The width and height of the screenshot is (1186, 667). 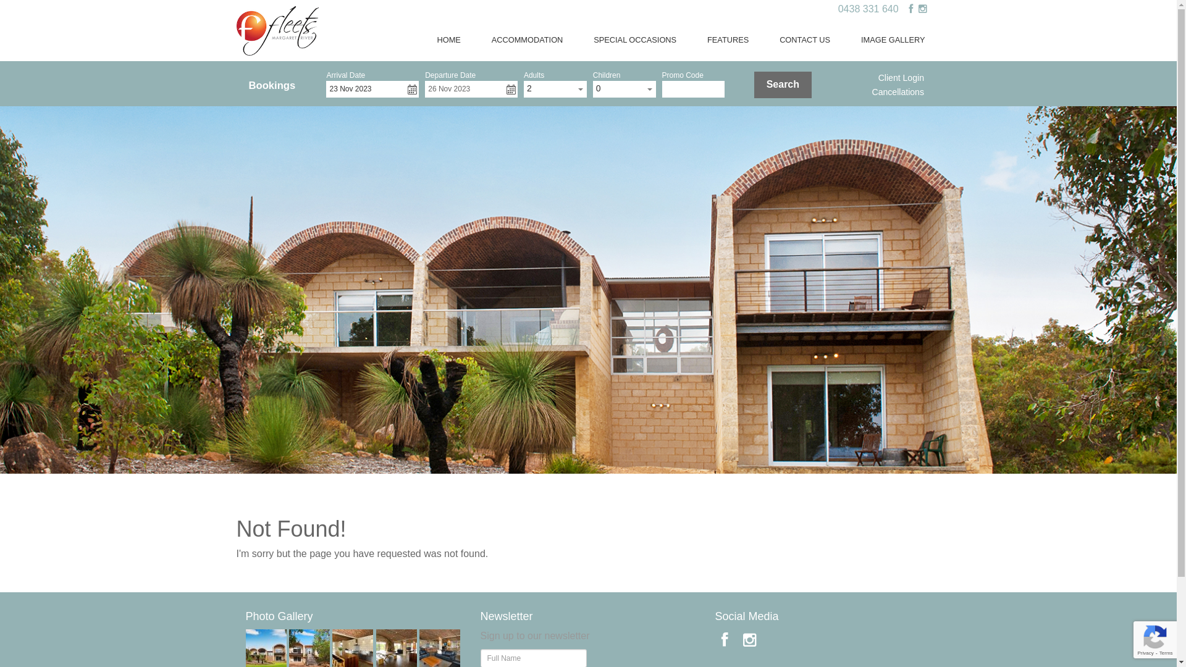 I want to click on 'SPECIAL OCCASIONS', so click(x=634, y=39).